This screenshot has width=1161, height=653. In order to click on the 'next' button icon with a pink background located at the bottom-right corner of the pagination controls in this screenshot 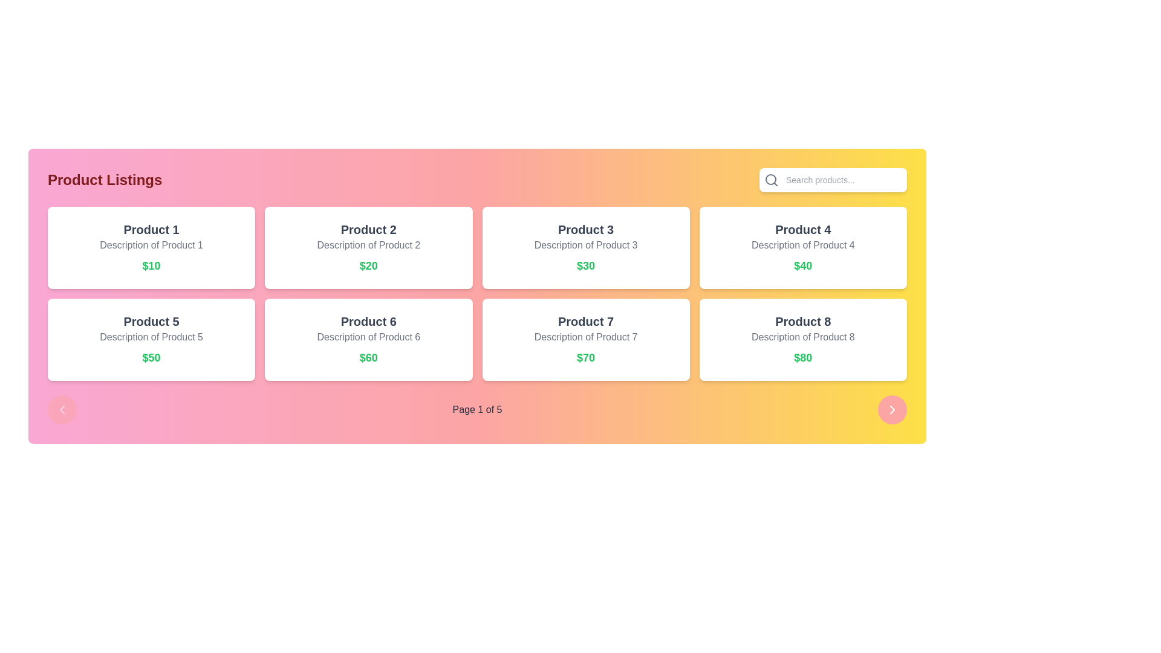, I will do `click(892, 409)`.